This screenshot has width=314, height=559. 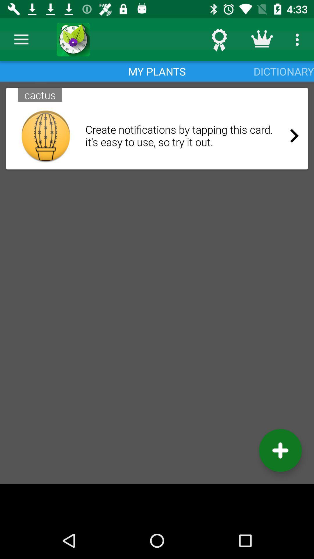 I want to click on the add icon, so click(x=280, y=450).